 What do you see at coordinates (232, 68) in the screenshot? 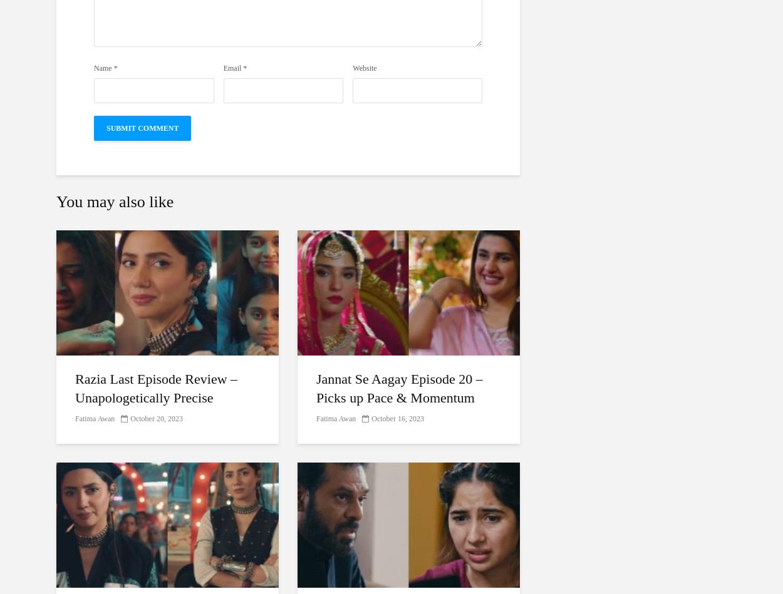
I see `'Email'` at bounding box center [232, 68].